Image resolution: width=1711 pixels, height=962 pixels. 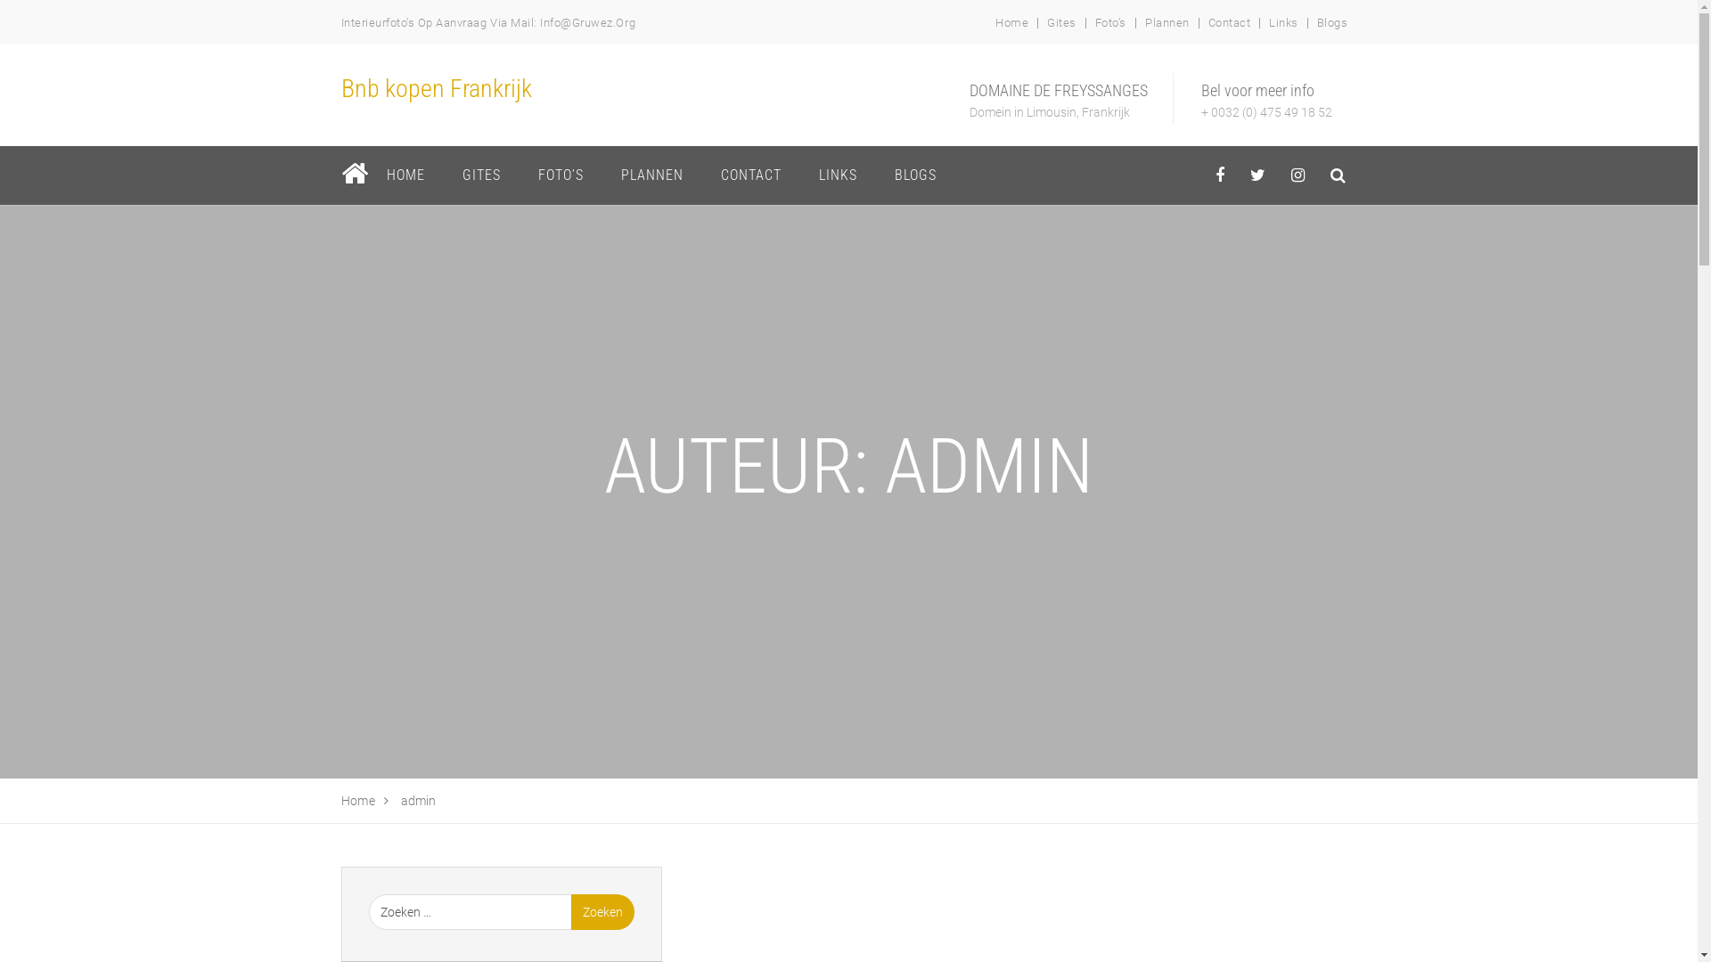 I want to click on 'Gites', so click(x=1061, y=22).